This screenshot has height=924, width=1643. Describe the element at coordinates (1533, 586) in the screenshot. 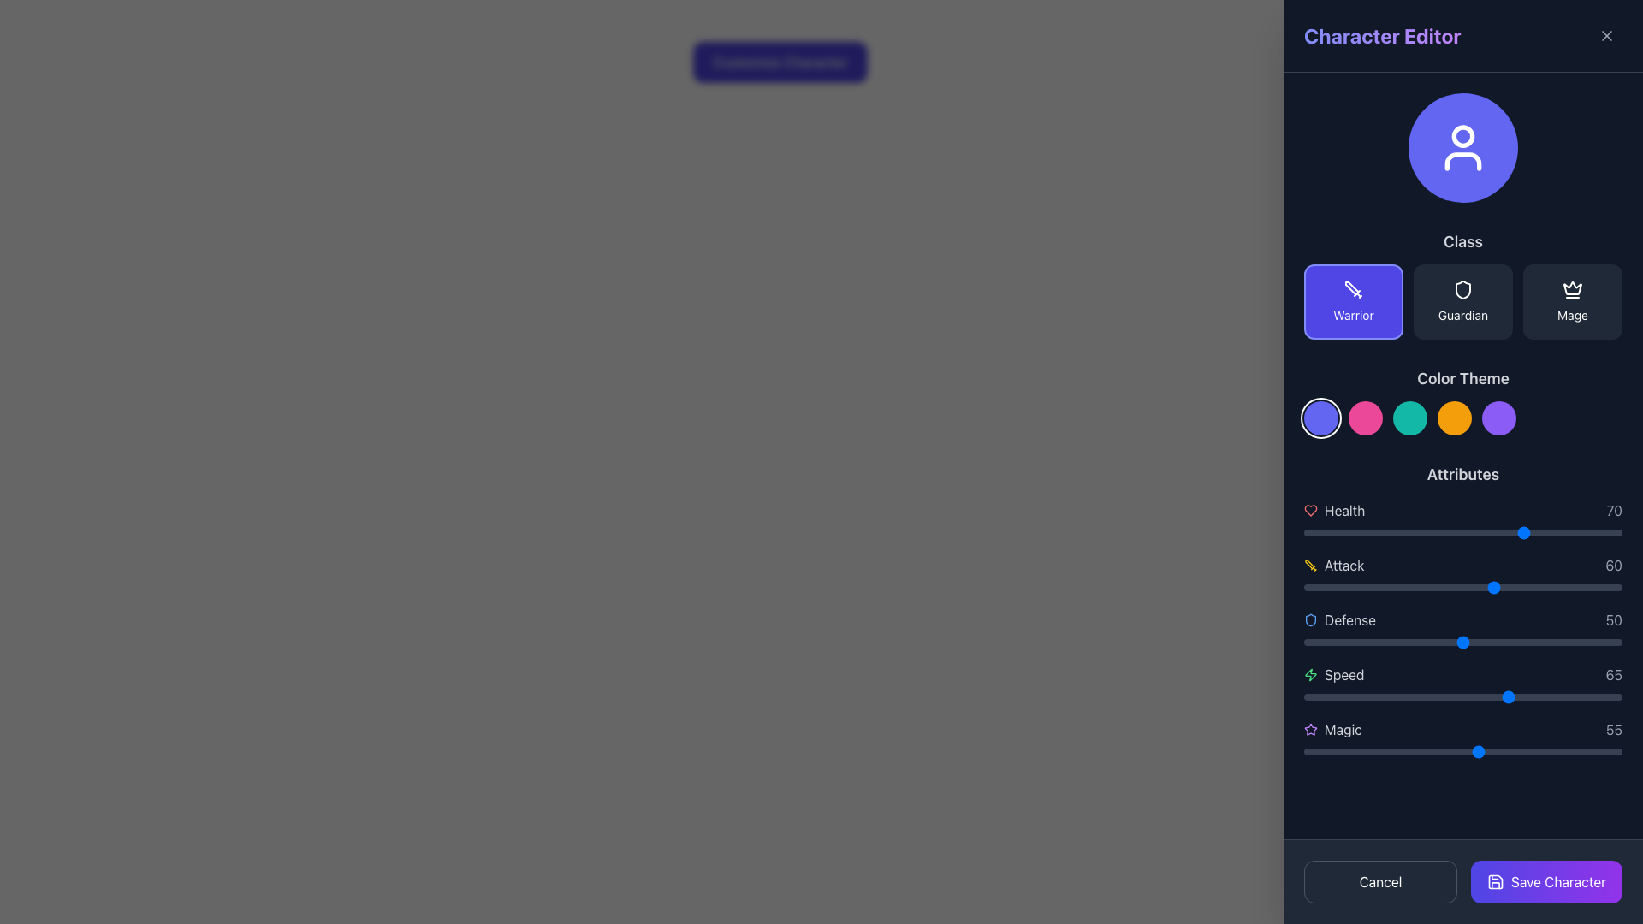

I see `the 'Attack' attribute slider` at that location.